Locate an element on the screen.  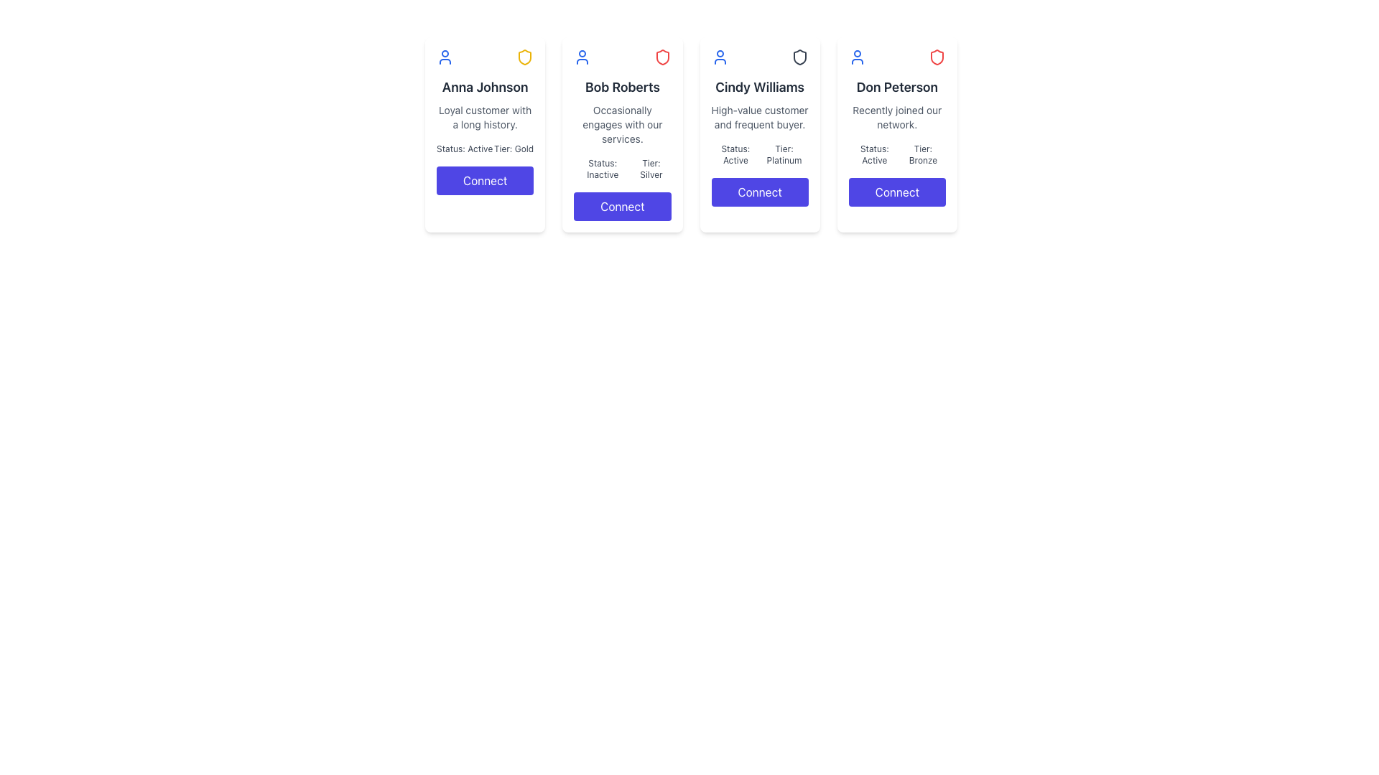
the text label displaying 'Tier: Platinum' located in the third user card from the left, positioned below 'Status: Active' is located at coordinates (784, 155).